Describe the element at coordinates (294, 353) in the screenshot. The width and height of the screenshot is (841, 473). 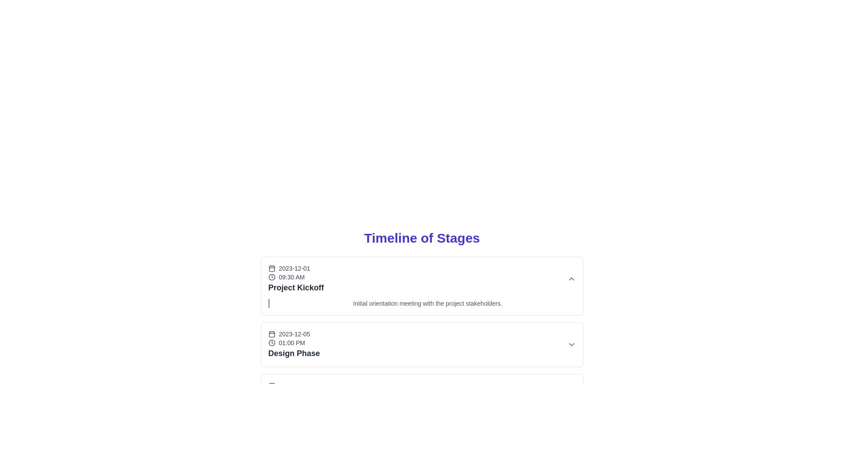
I see `the Text Label or Heading at the bottom of the group for the event on '2023-12-05' at '01:00 PM', which summarizes the event's purpose or title` at that location.